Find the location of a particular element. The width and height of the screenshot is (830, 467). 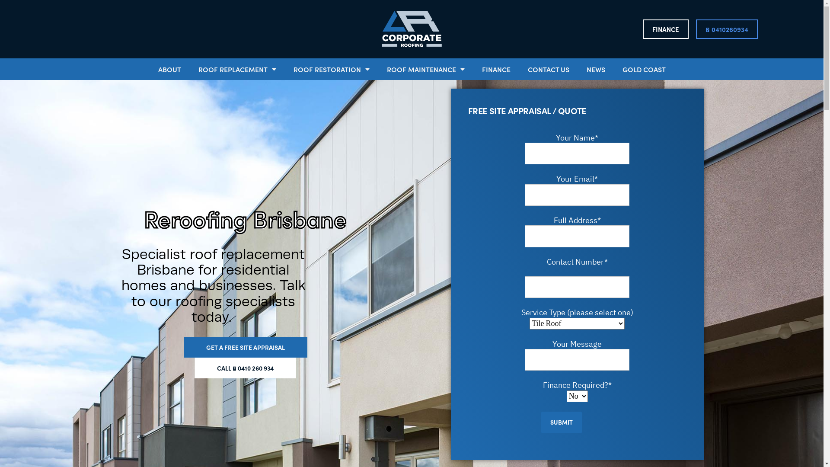

'NEWS' is located at coordinates (595, 68).